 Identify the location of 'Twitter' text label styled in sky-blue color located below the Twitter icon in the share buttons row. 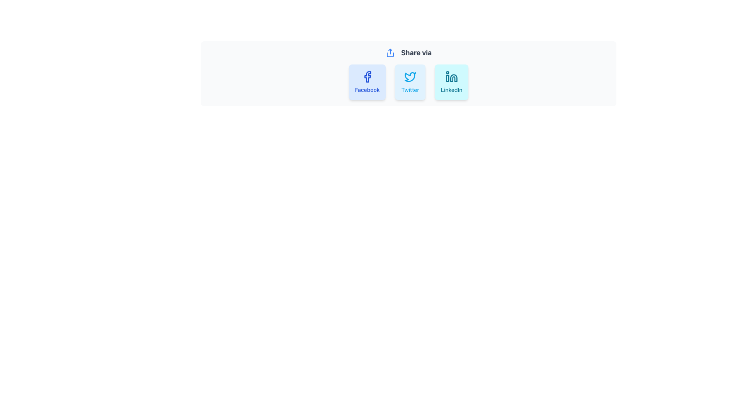
(410, 89).